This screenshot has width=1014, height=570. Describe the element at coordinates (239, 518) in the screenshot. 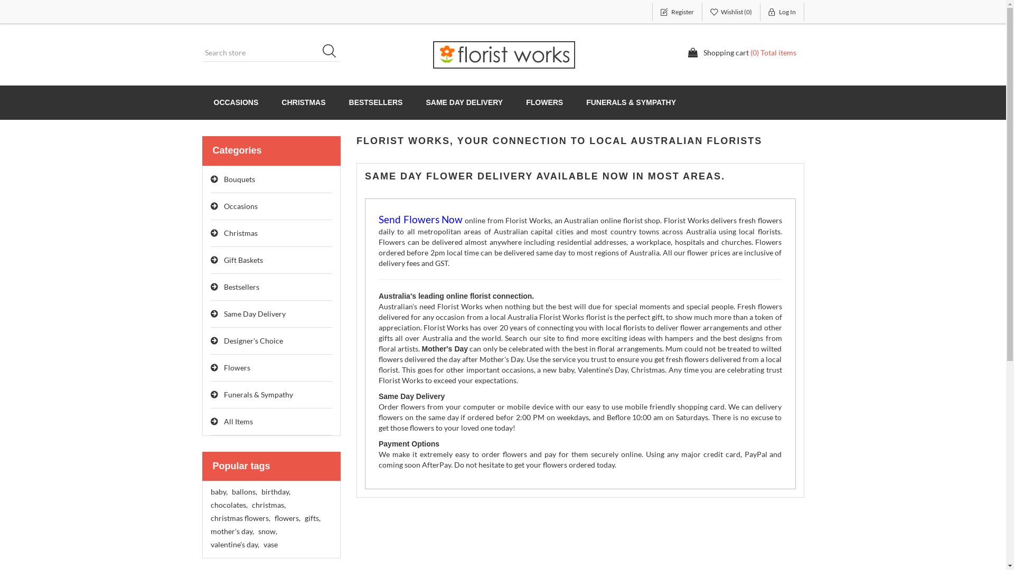

I see `'christmas flowers,'` at that location.